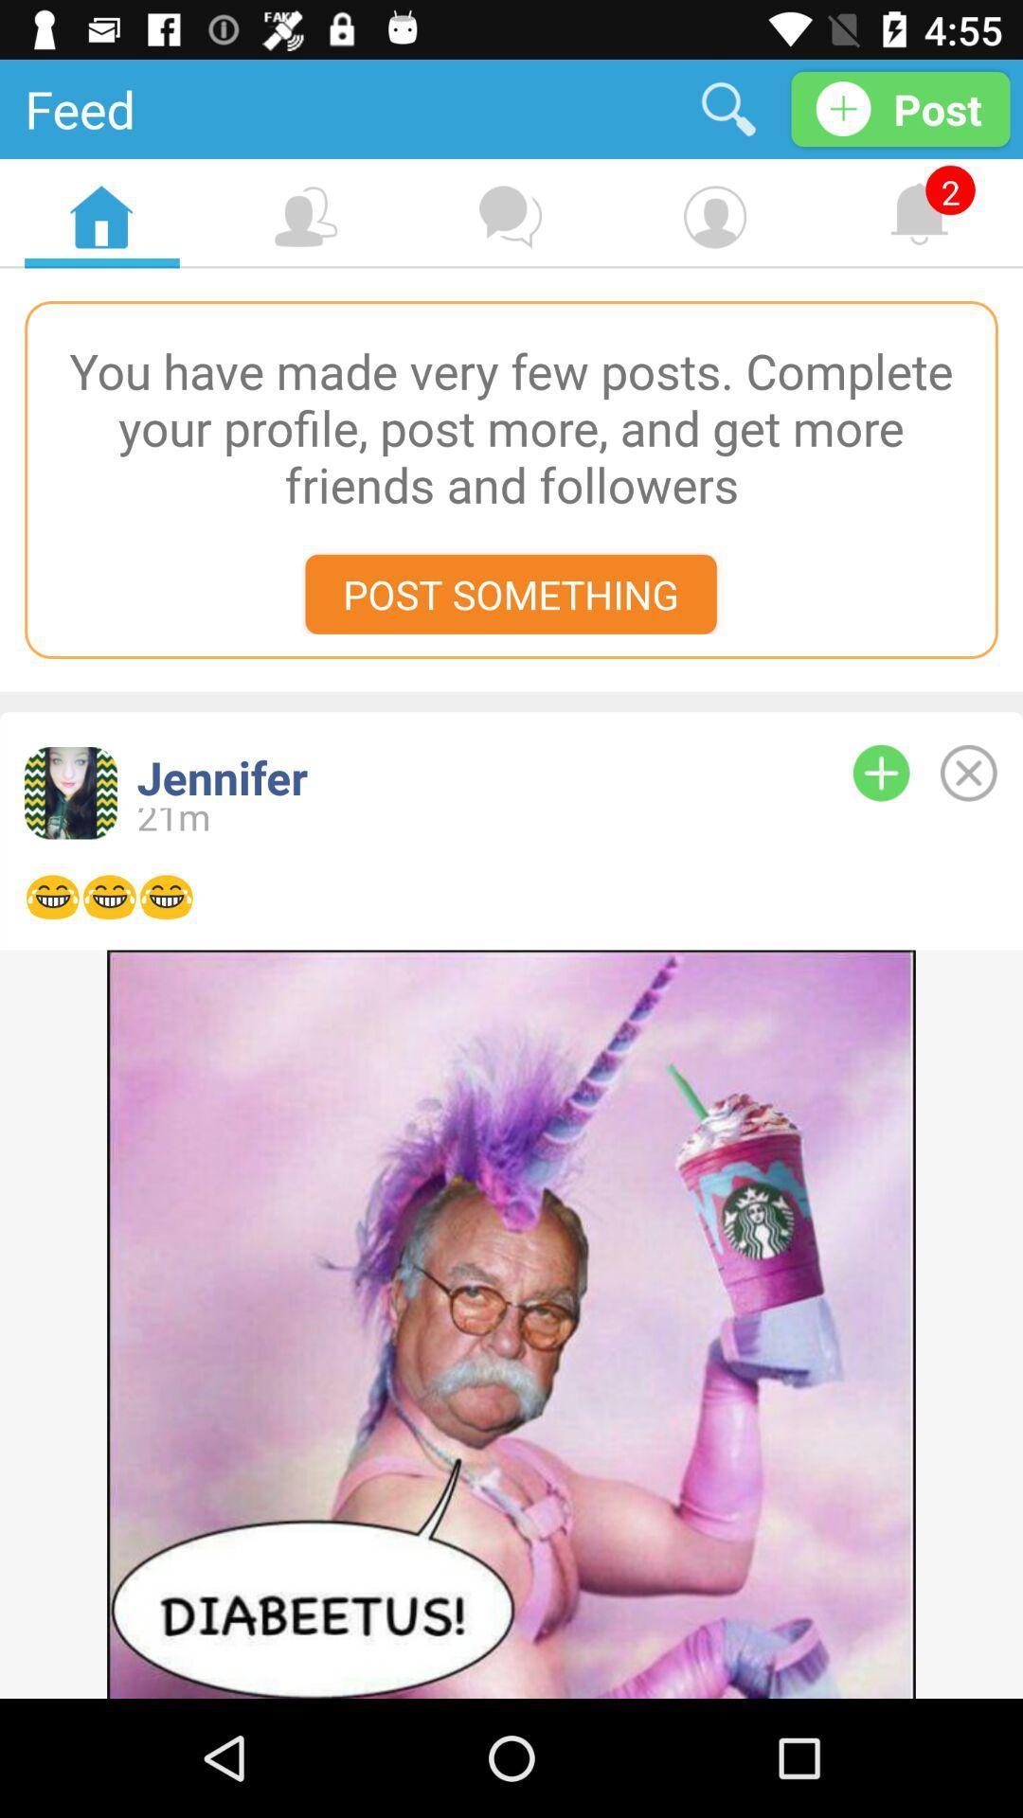 The image size is (1023, 1818). I want to click on the item below the you have made, so click(510, 593).